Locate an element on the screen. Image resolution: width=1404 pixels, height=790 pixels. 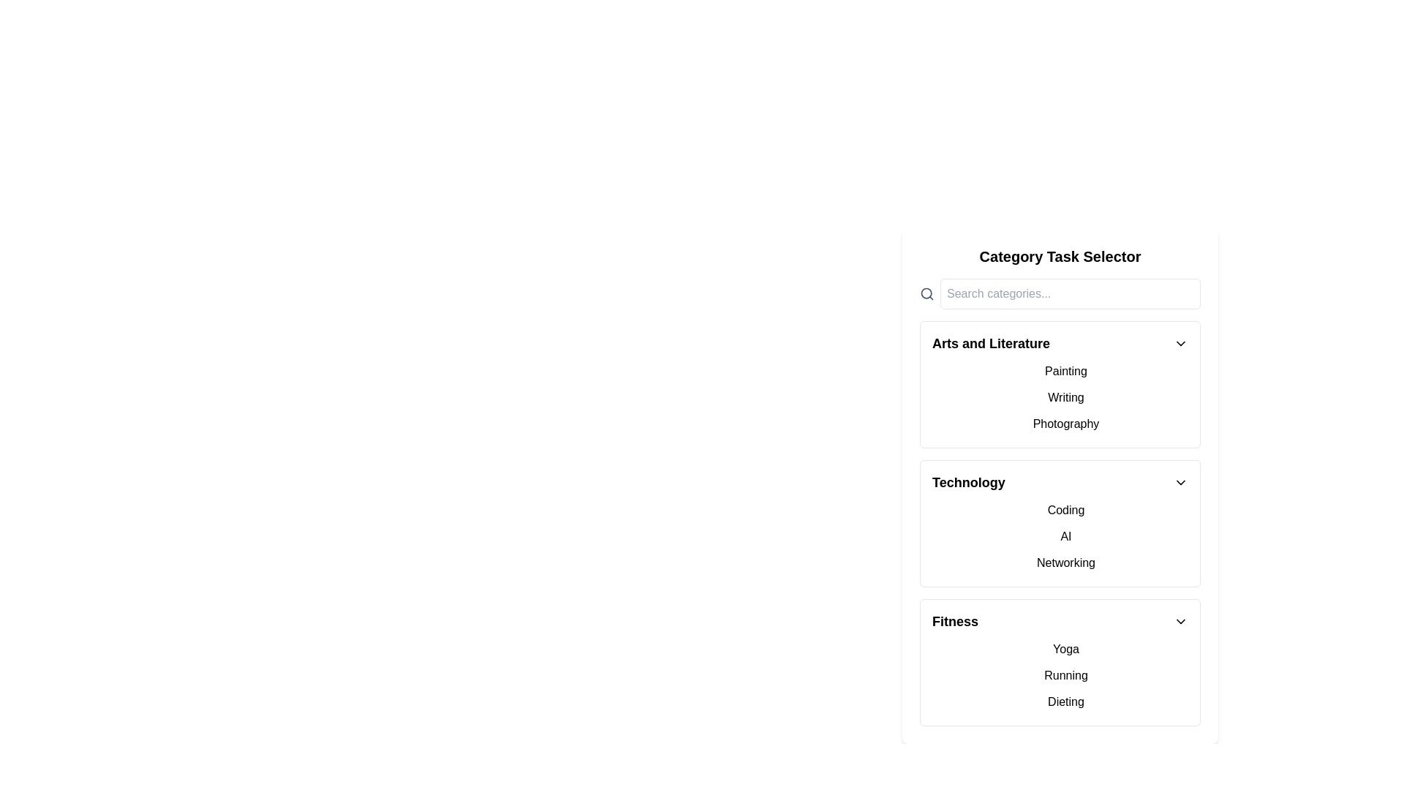
the search icon located at the left of the 'Search categories...' input box within the 'Category Task Selector' sidebar is located at coordinates (926, 293).